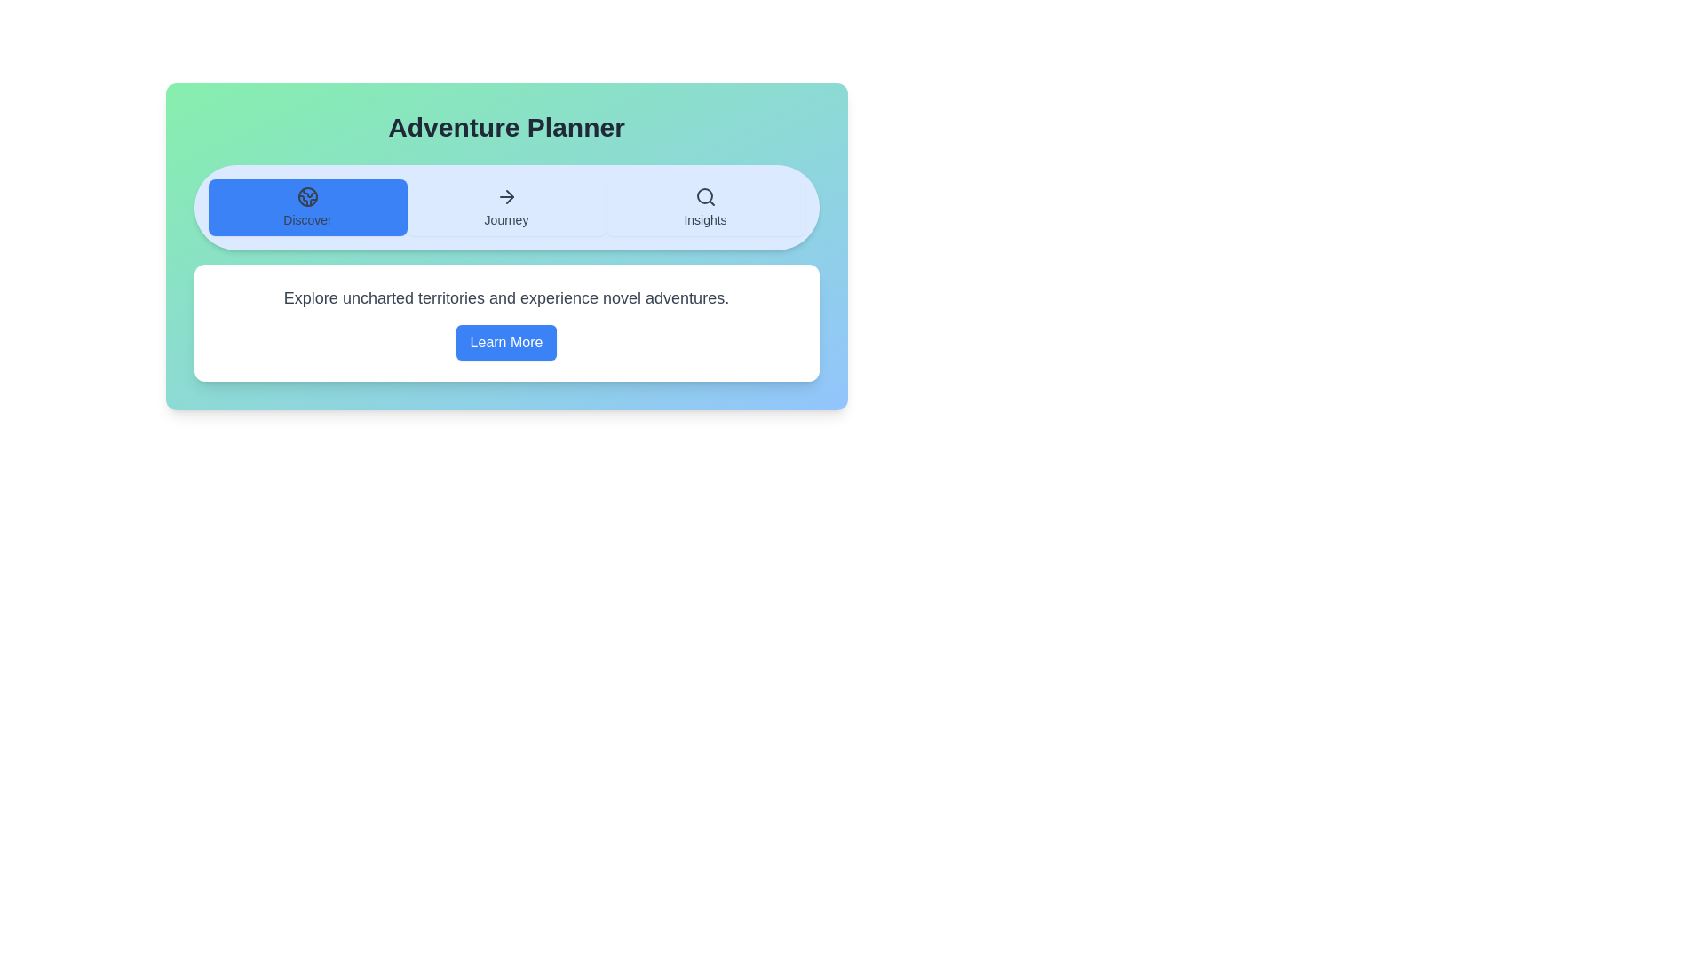 The width and height of the screenshot is (1705, 959). I want to click on the circular globe icon with intersecting curved lines and circular borders located in the 'Discover' tab of the Adventure Planner, so click(307, 197).